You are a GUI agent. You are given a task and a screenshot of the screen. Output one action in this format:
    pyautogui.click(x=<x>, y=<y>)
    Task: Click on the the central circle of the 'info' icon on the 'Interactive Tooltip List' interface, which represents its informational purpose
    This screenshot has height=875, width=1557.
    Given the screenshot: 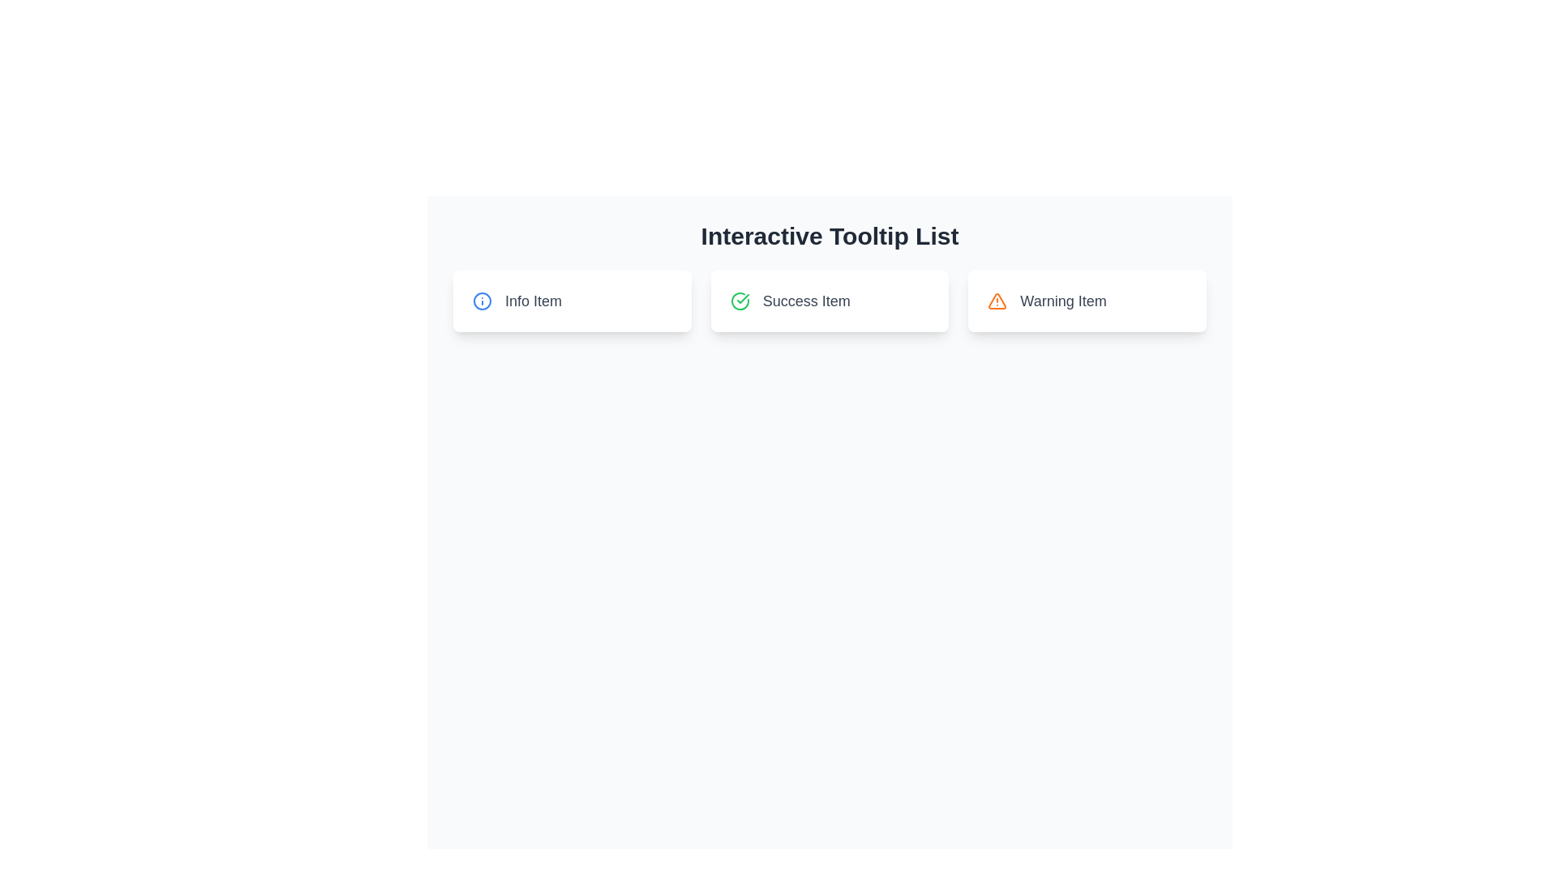 What is the action you would take?
    pyautogui.click(x=482, y=301)
    